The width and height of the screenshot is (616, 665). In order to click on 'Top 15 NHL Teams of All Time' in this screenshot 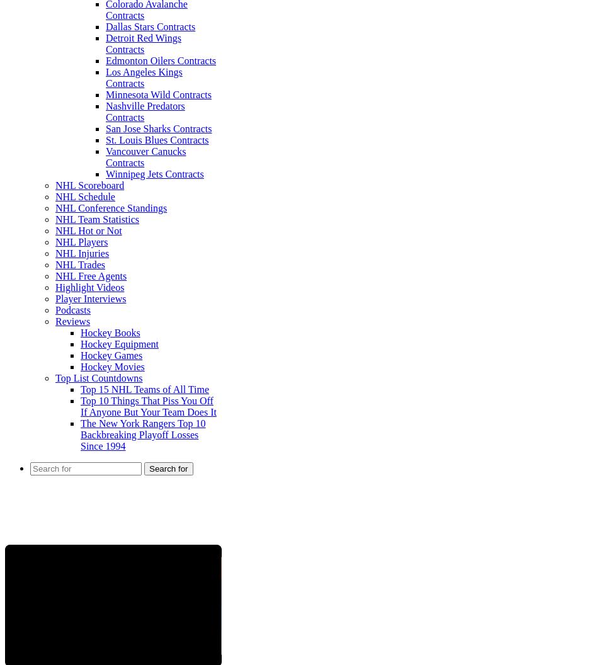, I will do `click(81, 389)`.